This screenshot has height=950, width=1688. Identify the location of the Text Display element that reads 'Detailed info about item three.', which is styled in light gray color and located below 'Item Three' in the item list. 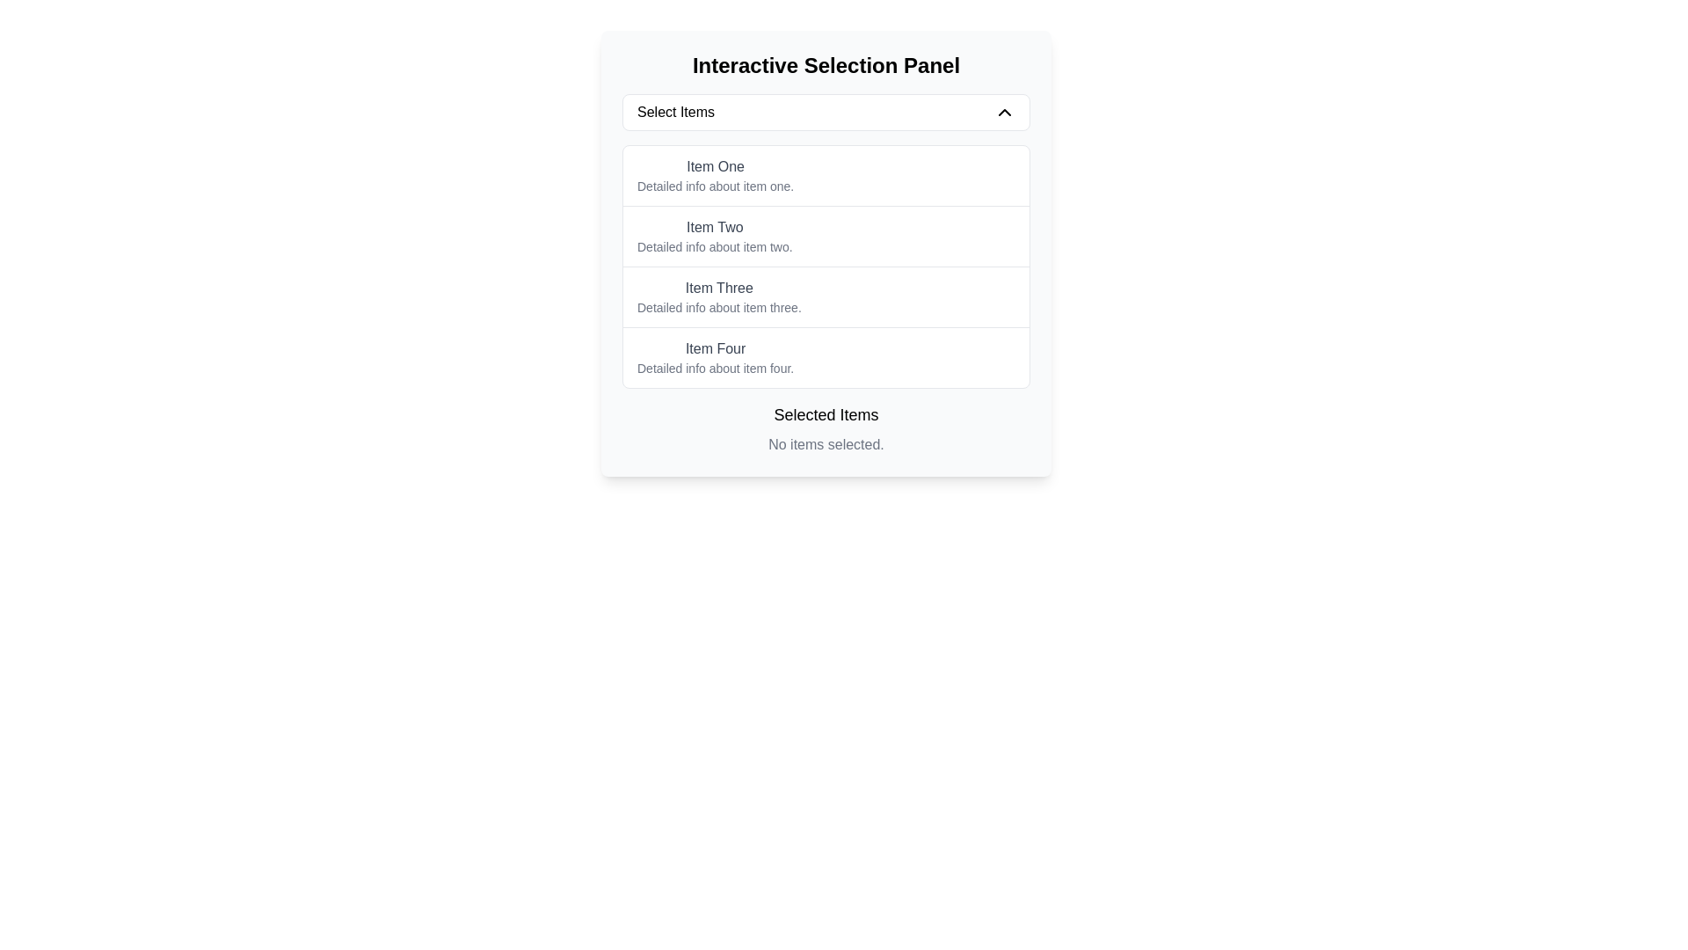
(719, 307).